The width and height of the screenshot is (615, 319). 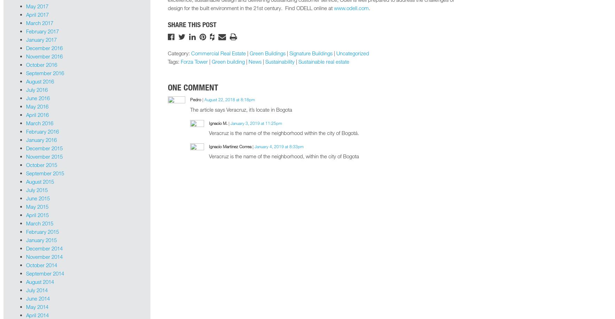 I want to click on 'April 2014', so click(x=37, y=314).